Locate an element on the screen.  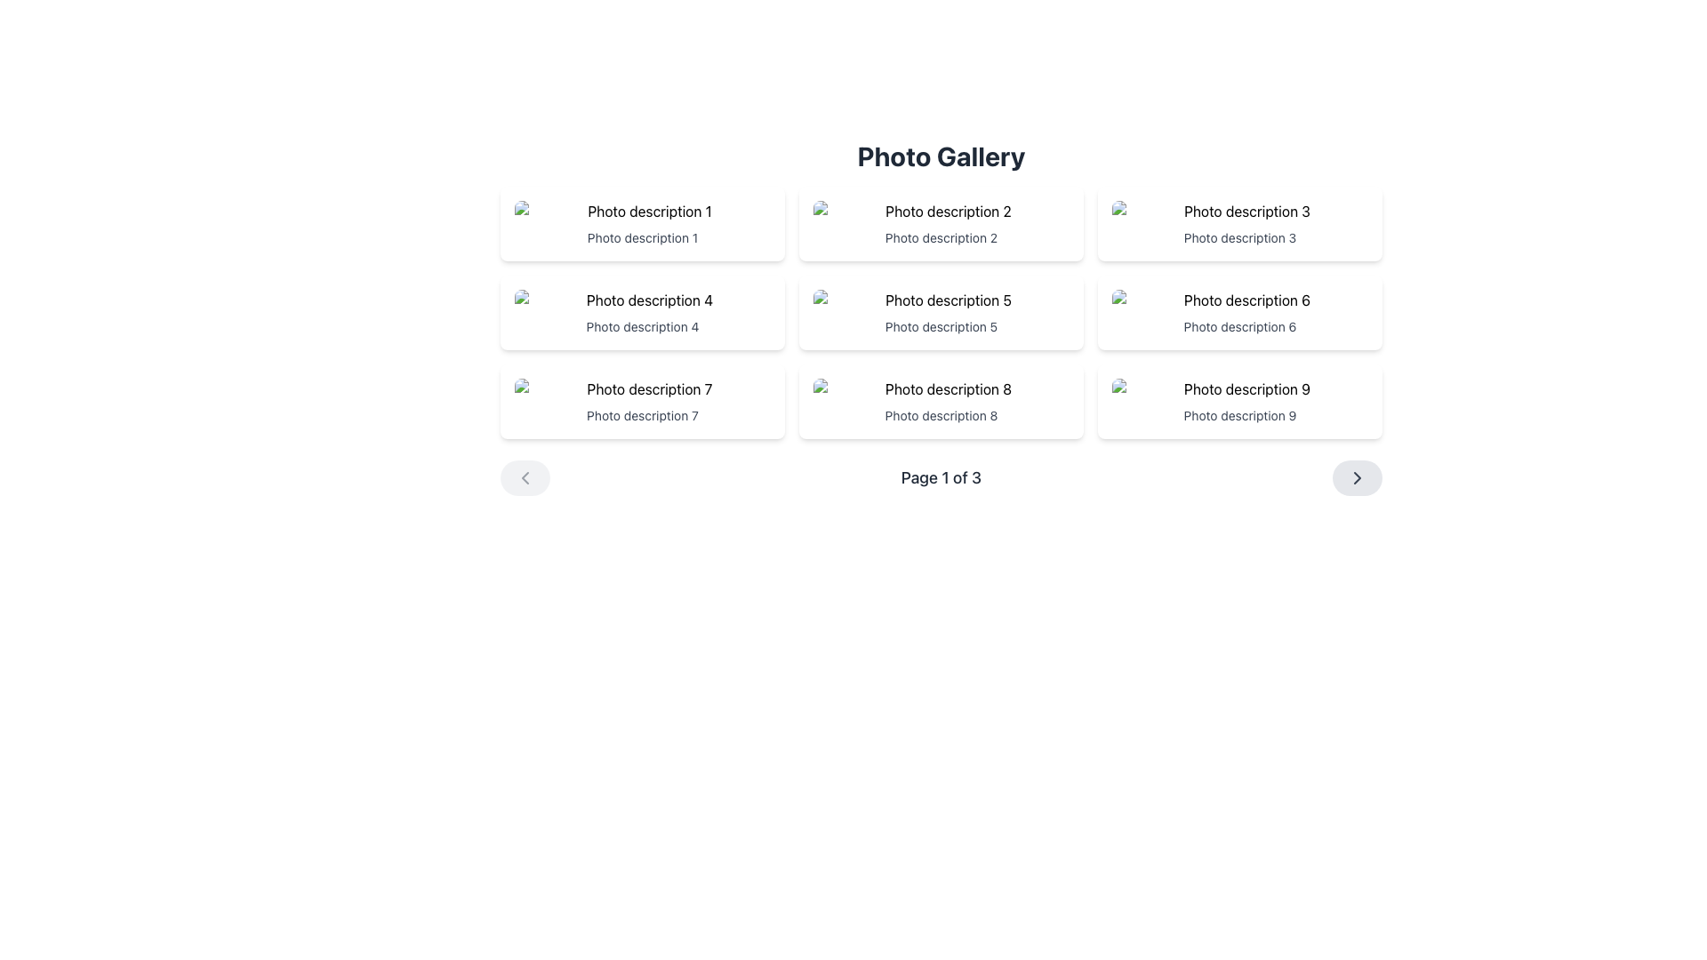
the text label indicating the current page number in the paginated layout is located at coordinates (941, 476).